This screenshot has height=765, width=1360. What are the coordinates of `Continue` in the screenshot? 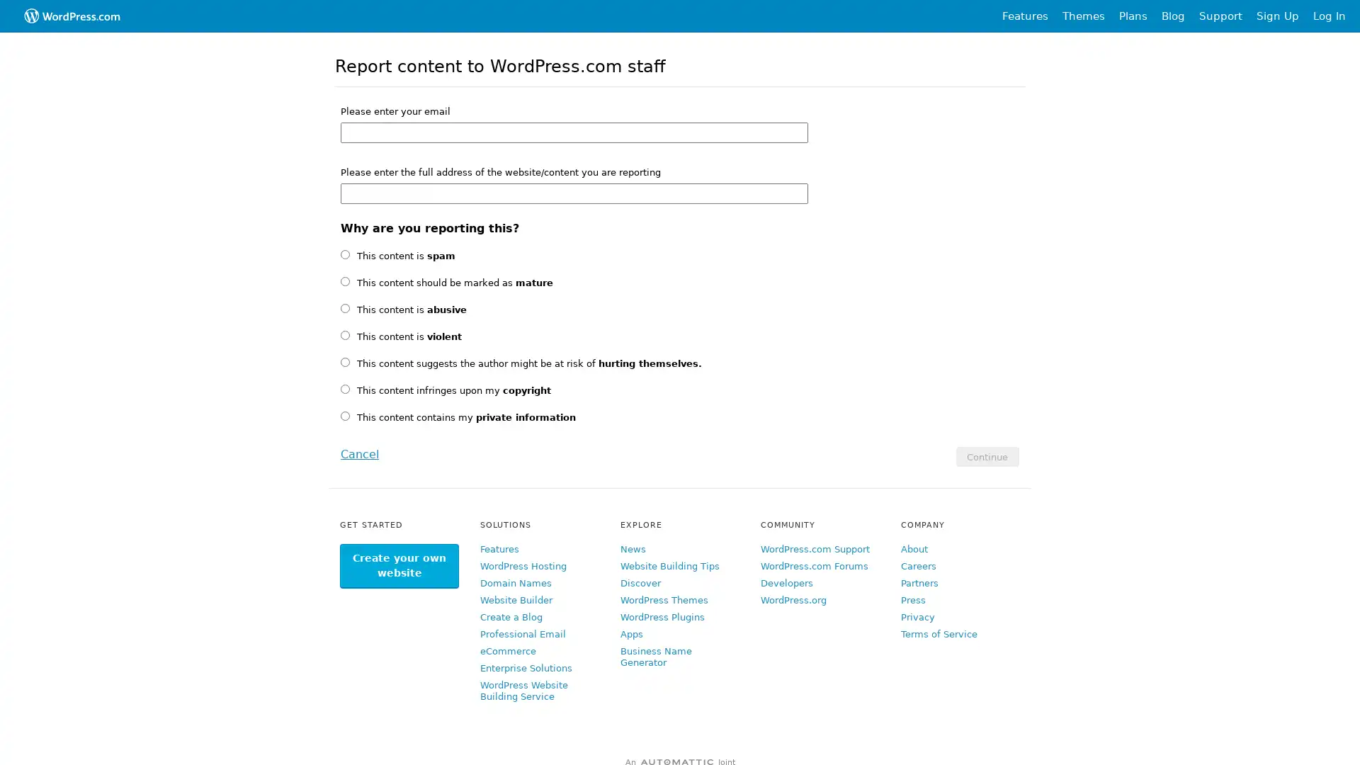 It's located at (986, 456).